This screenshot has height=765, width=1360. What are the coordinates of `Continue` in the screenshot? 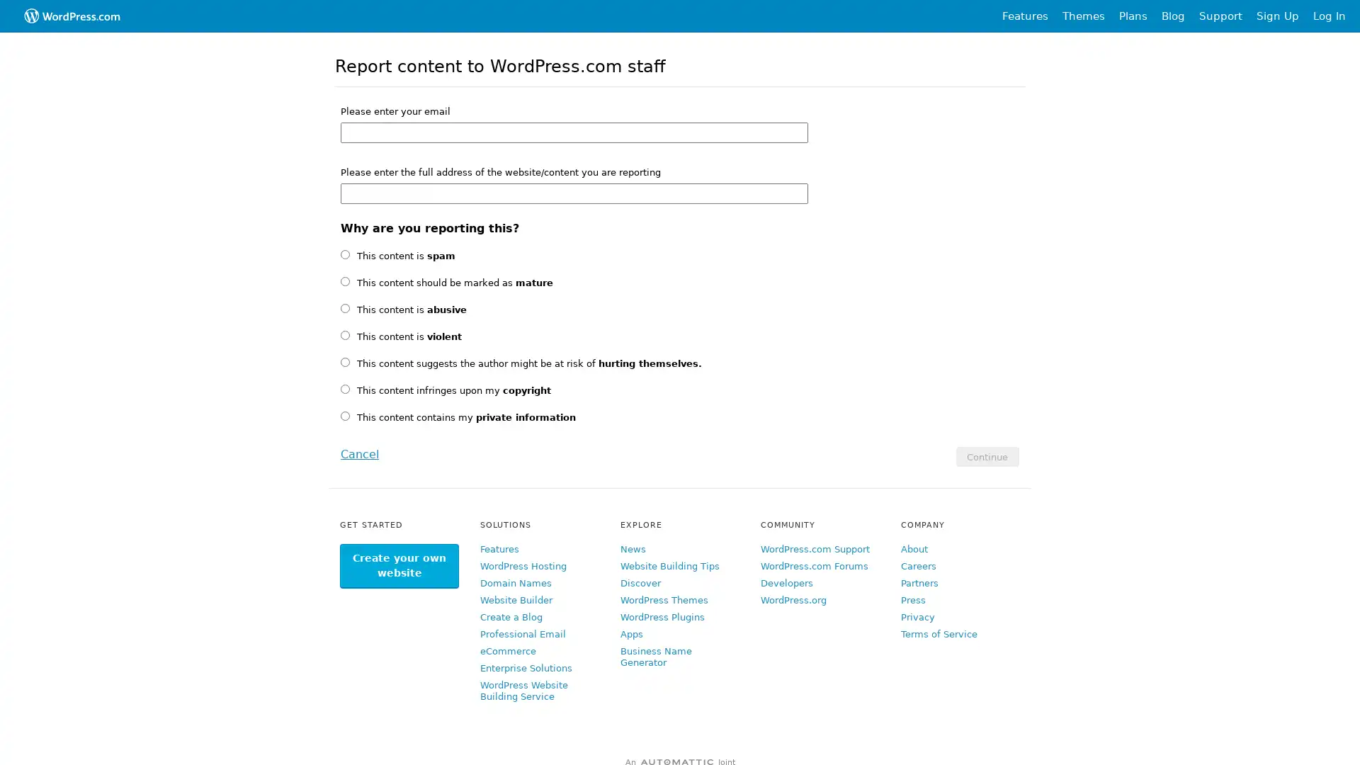 It's located at (986, 456).